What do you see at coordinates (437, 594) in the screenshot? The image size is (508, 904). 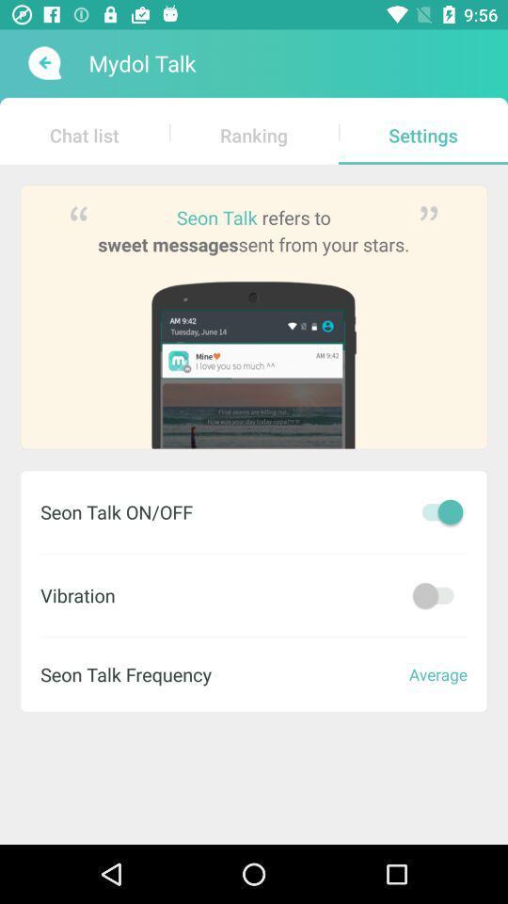 I see `off app` at bounding box center [437, 594].